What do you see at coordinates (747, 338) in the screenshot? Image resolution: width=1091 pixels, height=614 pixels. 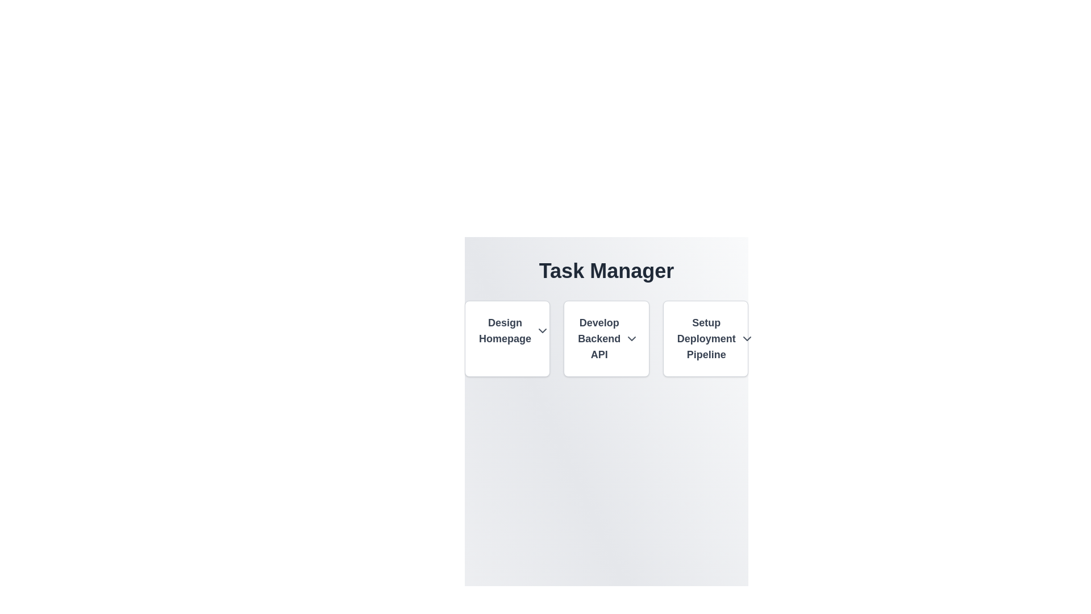 I see `the Dropdown button located inside the 'Setup Deployment Pipeline' task box` at bounding box center [747, 338].